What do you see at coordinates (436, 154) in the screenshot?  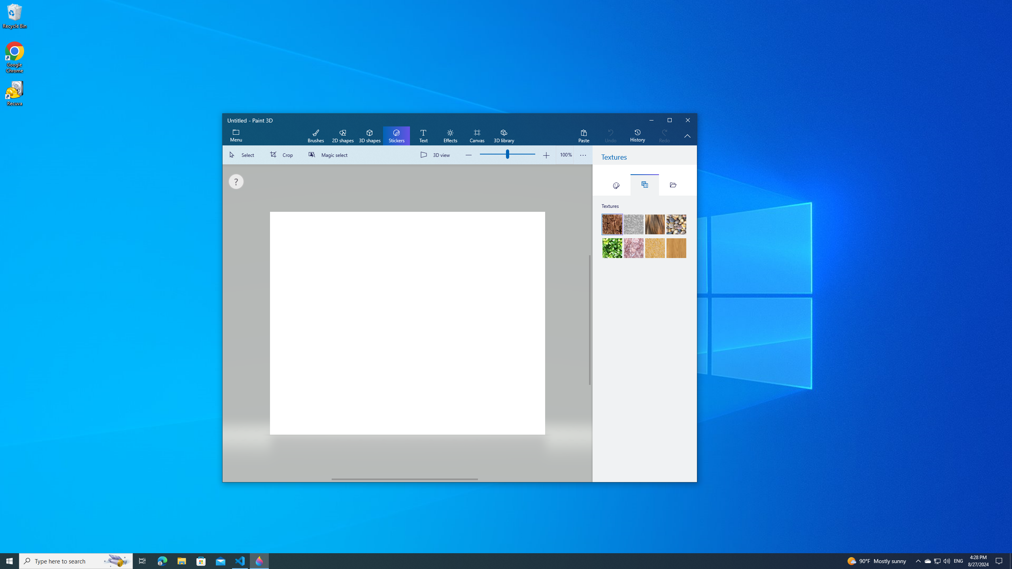 I see `'3D view'` at bounding box center [436, 154].